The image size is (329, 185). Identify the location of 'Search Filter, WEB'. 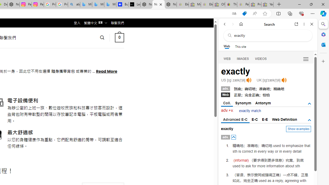
(227, 58).